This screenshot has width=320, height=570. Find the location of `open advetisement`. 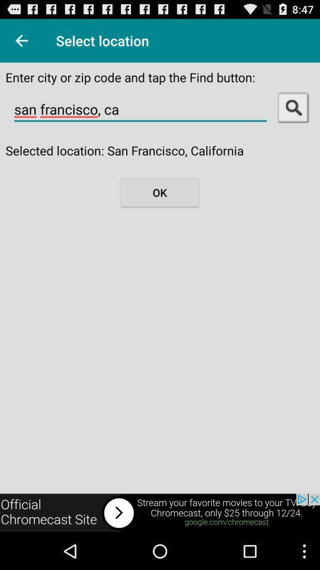

open advetisement is located at coordinates (160, 512).